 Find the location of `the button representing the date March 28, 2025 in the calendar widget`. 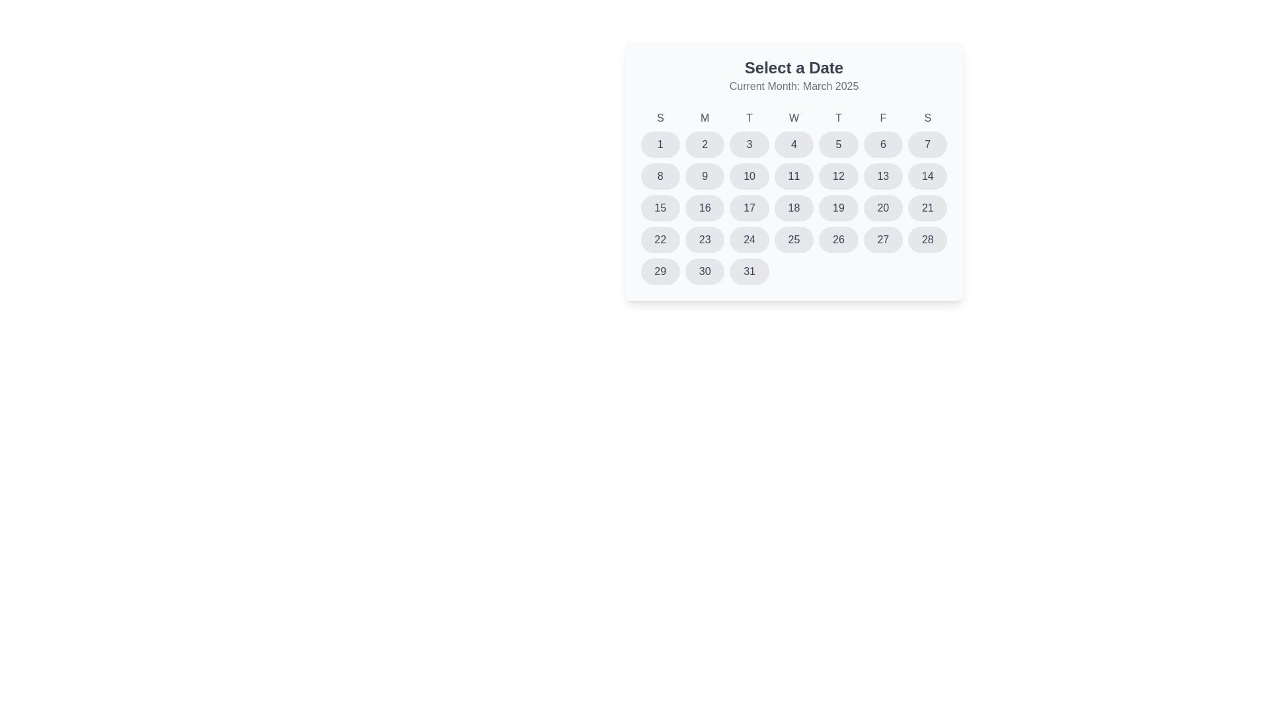

the button representing the date March 28, 2025 in the calendar widget is located at coordinates (927, 239).